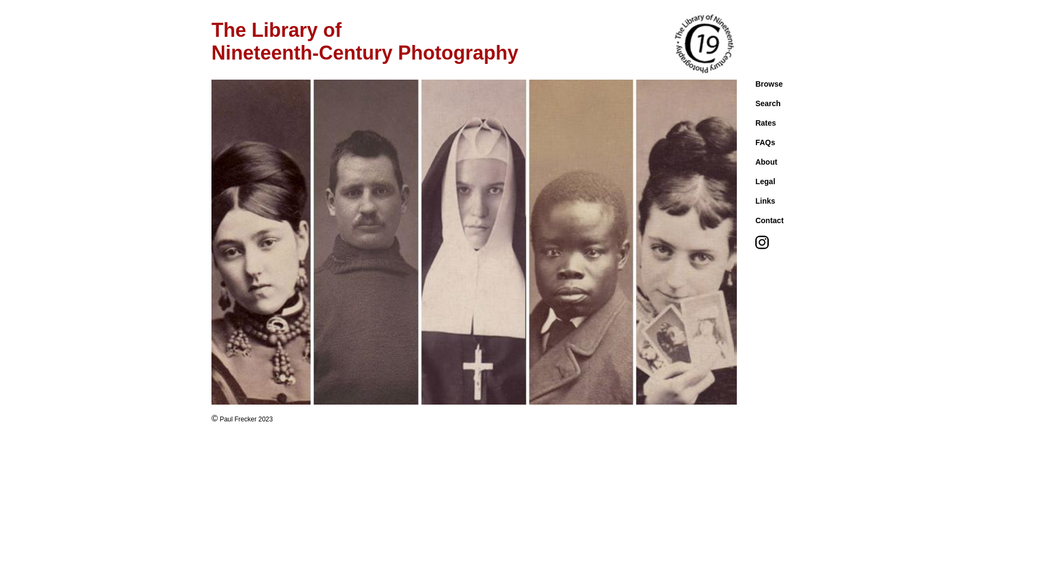 The image size is (1041, 585). What do you see at coordinates (768, 83) in the screenshot?
I see `'Browse'` at bounding box center [768, 83].